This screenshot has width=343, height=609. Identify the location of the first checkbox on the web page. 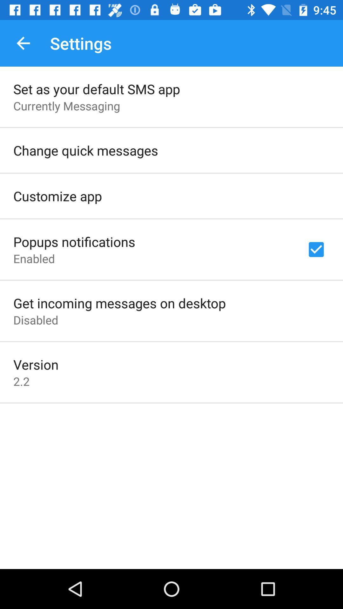
(316, 249).